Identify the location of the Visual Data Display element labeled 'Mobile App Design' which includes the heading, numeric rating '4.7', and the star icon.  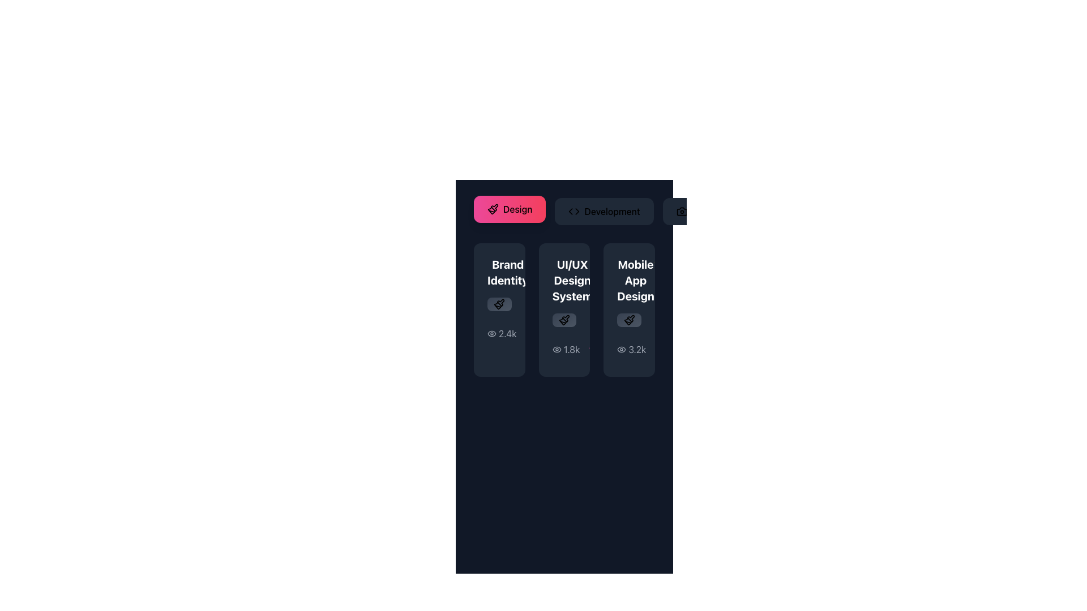
(628, 280).